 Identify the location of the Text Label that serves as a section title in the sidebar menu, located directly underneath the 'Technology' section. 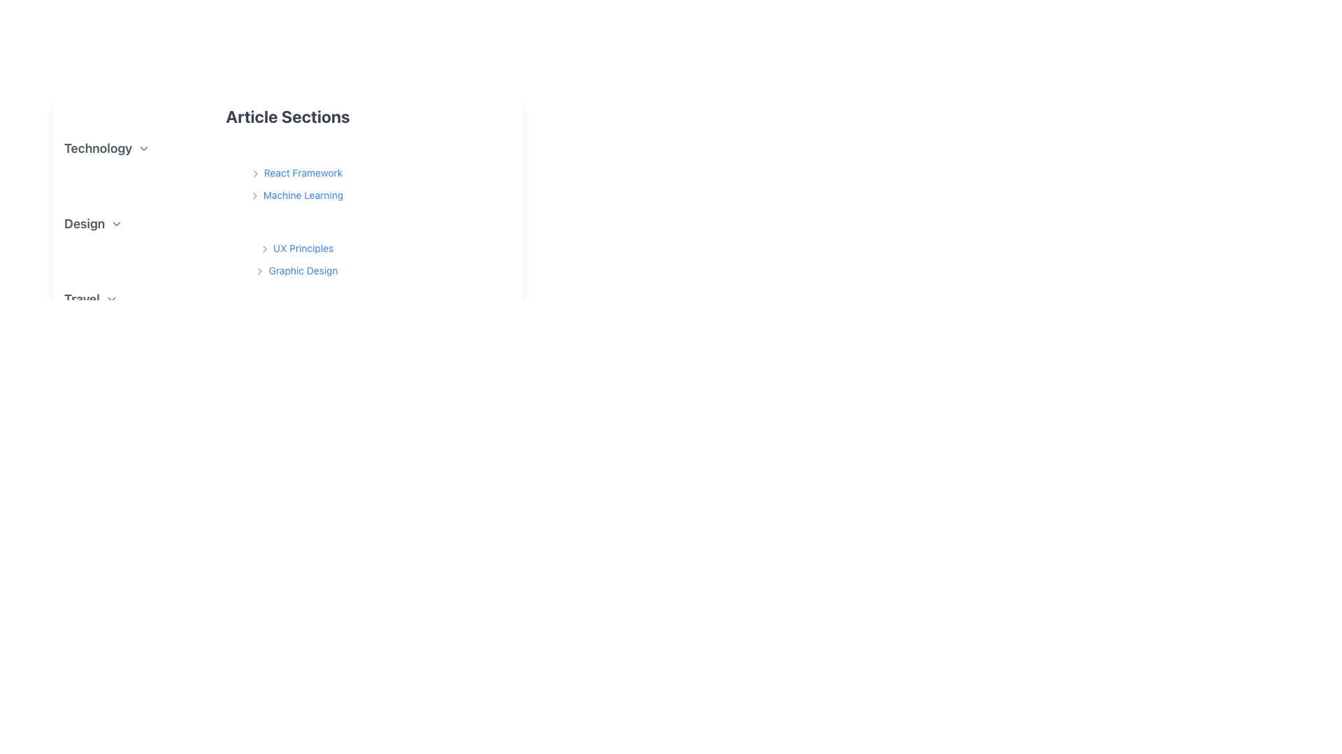
(84, 223).